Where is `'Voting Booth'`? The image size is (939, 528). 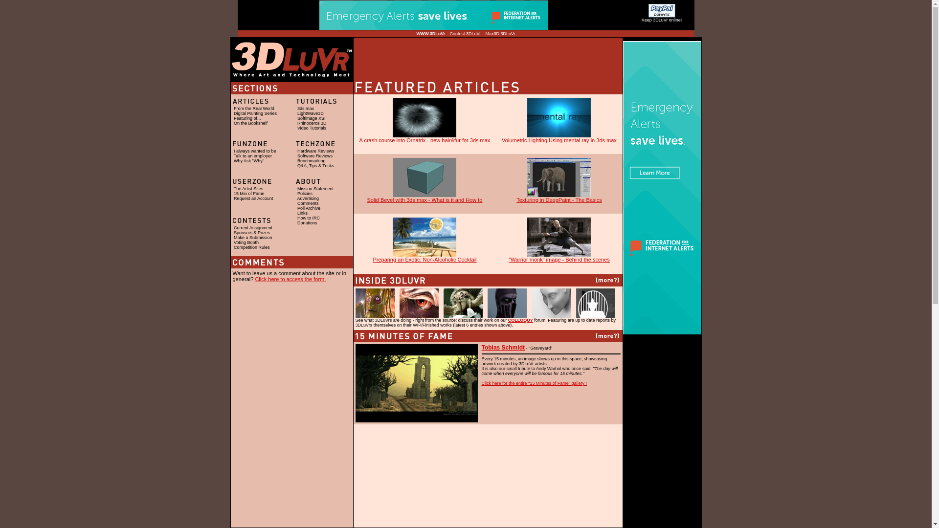
'Voting Booth' is located at coordinates (246, 242).